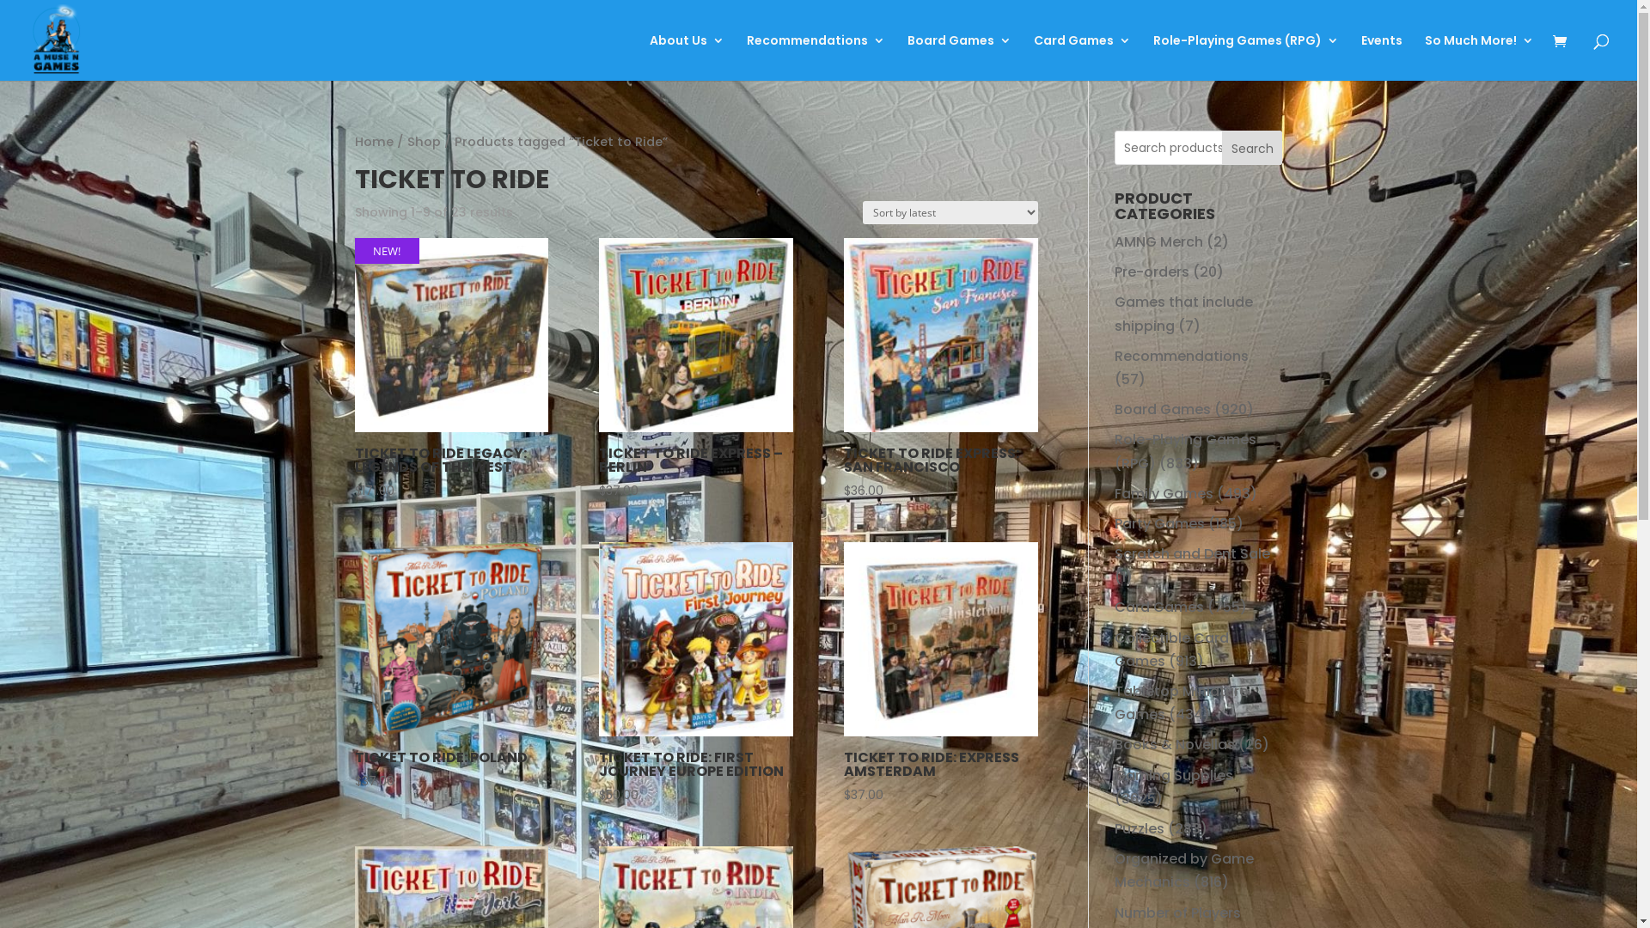 The image size is (1650, 928). Describe the element at coordinates (1478, 56) in the screenshot. I see `'So Much More!'` at that location.